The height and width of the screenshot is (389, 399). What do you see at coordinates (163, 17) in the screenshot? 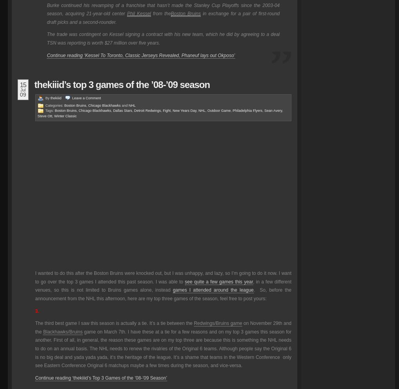
I see `'in exchange for a pair of first-round draft picks and a second-rounder.'` at bounding box center [163, 17].